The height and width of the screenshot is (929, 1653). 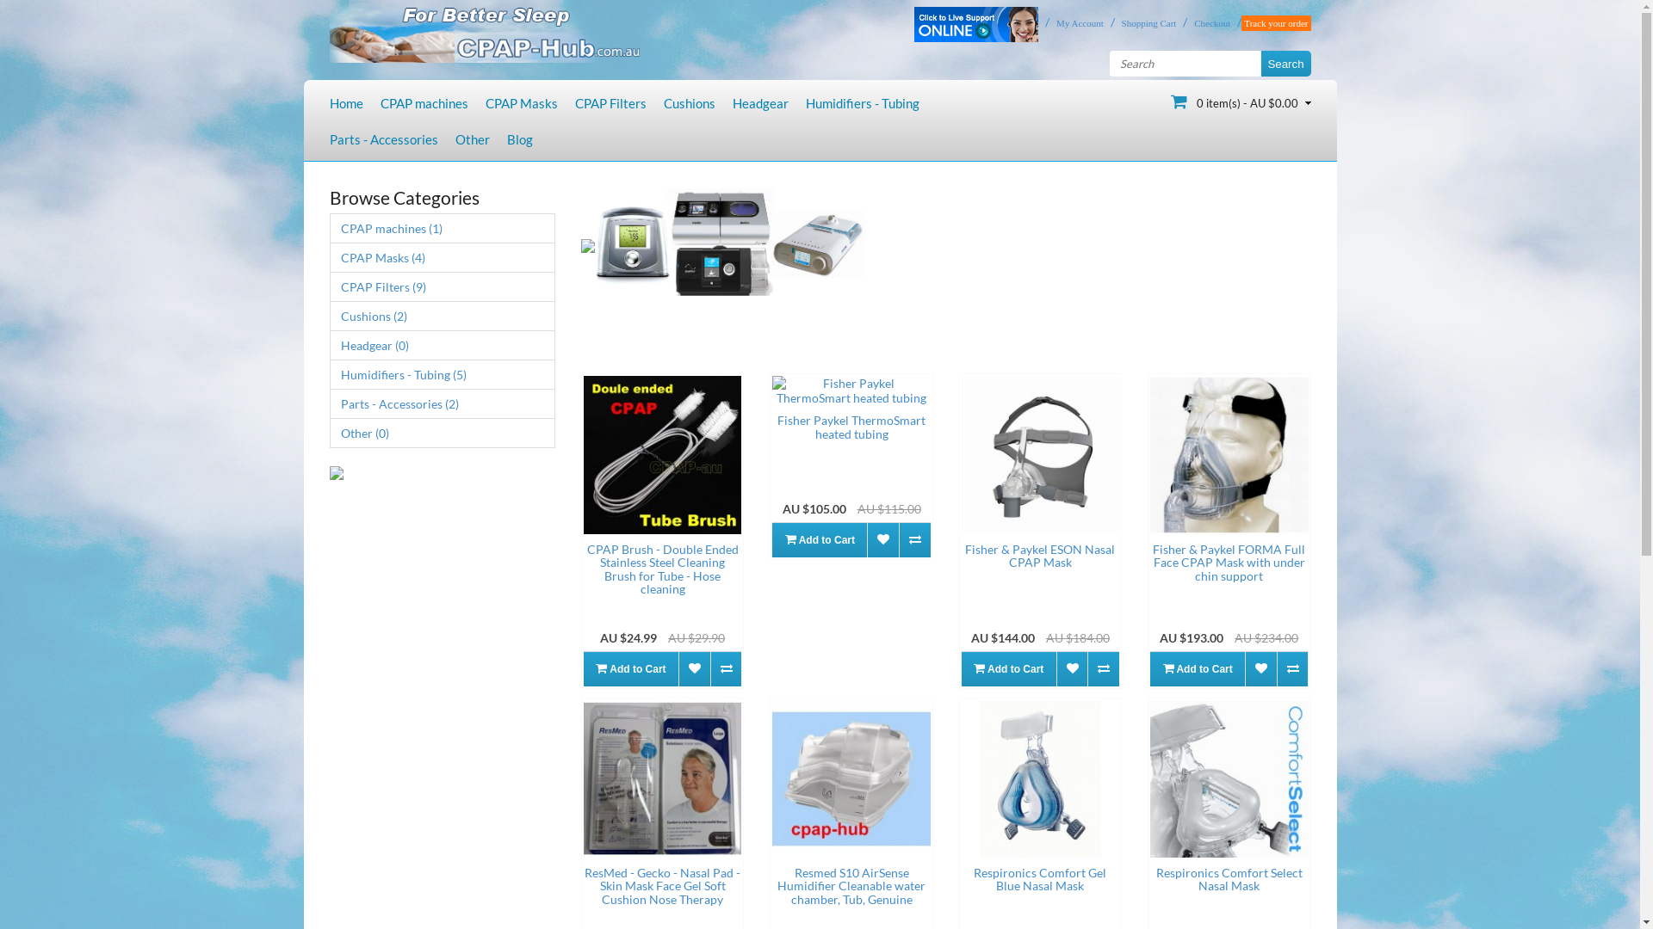 I want to click on 'CPAP machines (1)', so click(x=442, y=227).